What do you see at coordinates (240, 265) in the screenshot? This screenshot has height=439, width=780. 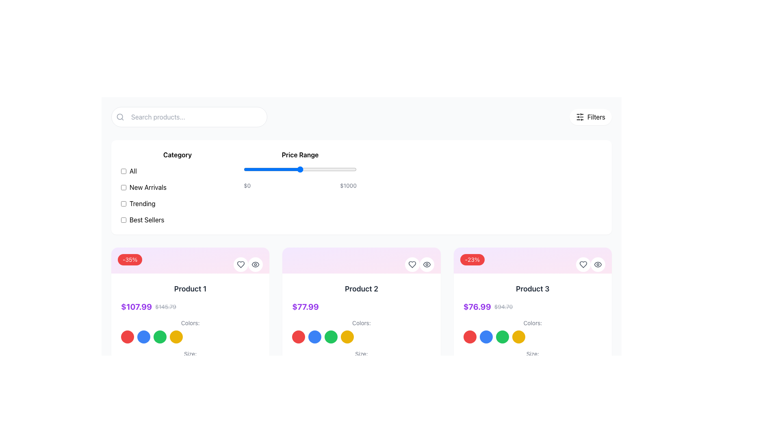 I see `the heart-shaped icon button located in the top right corner of the 'Product 2' card to mark it as a favorite` at bounding box center [240, 265].